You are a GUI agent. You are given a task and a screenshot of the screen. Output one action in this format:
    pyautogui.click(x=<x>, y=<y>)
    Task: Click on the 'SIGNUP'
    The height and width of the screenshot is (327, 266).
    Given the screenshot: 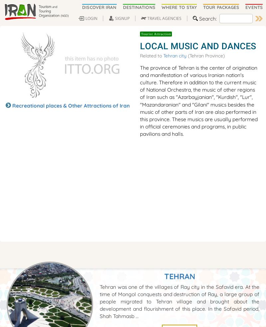 What is the action you would take?
    pyautogui.click(x=122, y=18)
    